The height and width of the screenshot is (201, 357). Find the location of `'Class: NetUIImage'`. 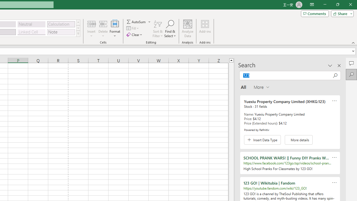

'Class: NetUIImage' is located at coordinates (78, 33).